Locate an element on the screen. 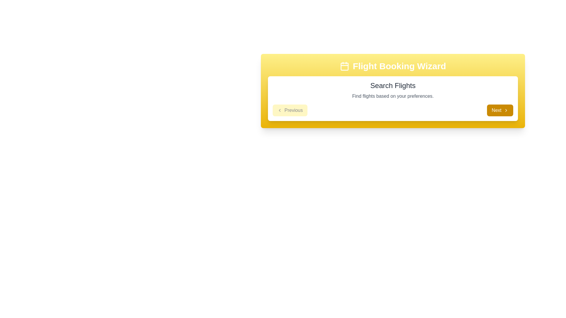  static text label that displays 'Flight Booking Wizard', which is a large, bold, white-colored text in the yellow gradient header is located at coordinates (399, 66).